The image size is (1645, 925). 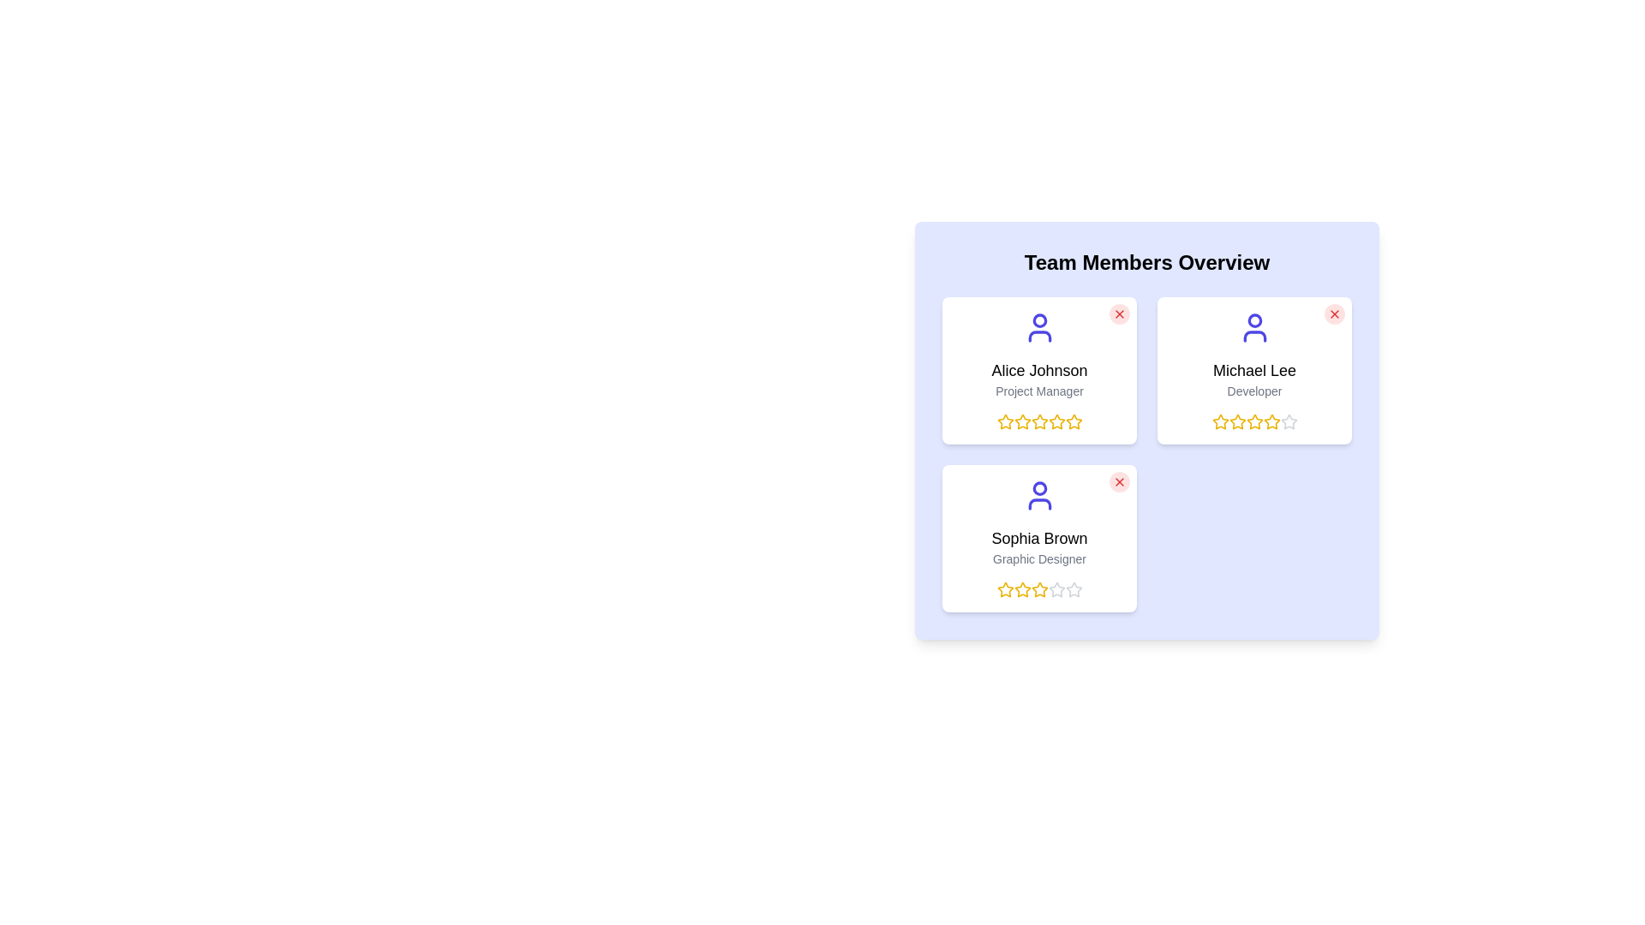 I want to click on the grid layout of team member cards, so click(x=1147, y=429).